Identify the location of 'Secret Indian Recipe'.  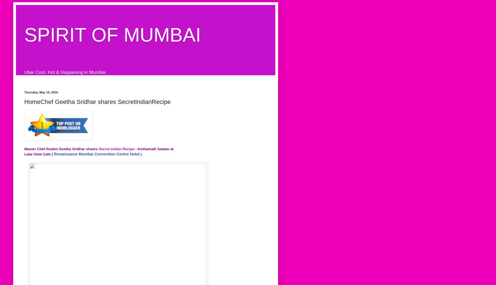
(98, 149).